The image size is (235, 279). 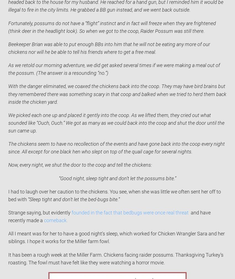 What do you see at coordinates (112, 26) in the screenshot?
I see `'Fortunately, possums do not have a “flight” instinct and in fact will freeze when they are frightened (think deer in the headlight look). So when we got to the coop, Raider Possum was still there.'` at bounding box center [112, 26].